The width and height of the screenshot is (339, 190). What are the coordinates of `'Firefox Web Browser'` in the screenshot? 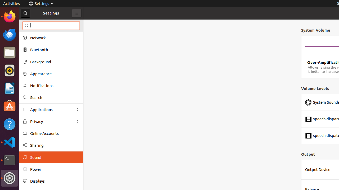 It's located at (9, 16).